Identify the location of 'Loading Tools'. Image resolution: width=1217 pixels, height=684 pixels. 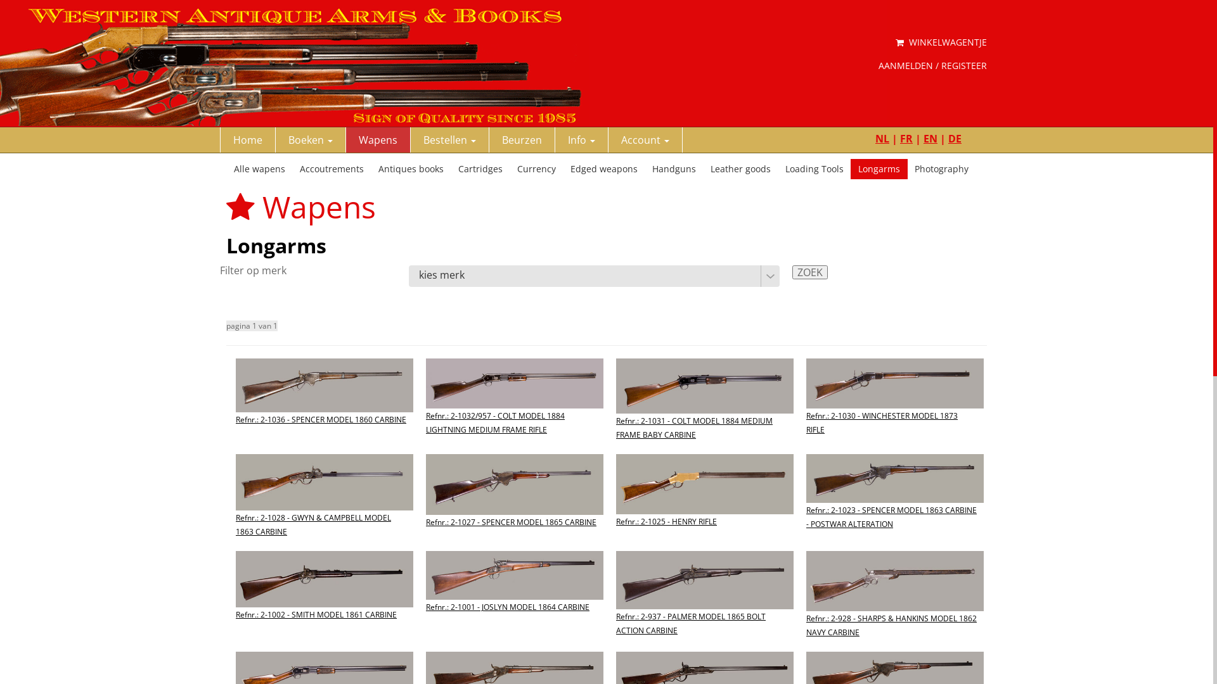
(815, 168).